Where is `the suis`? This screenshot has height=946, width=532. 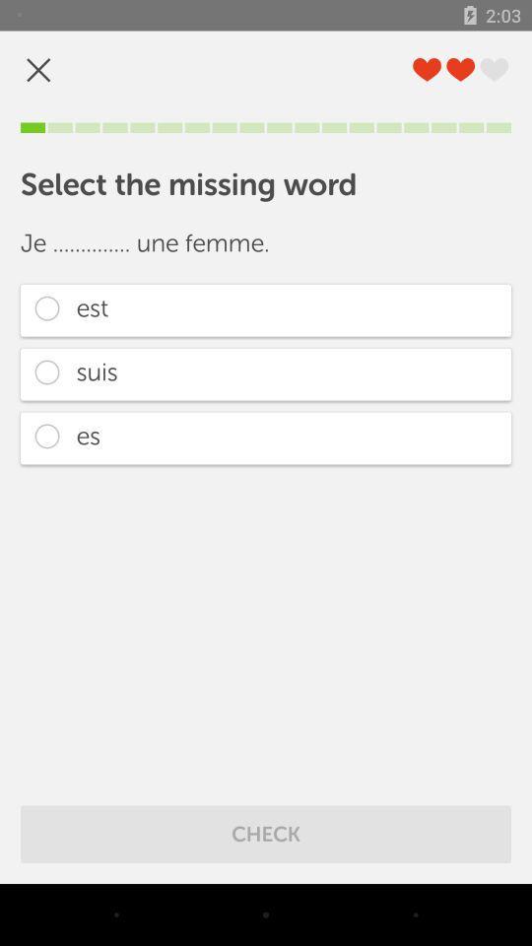 the suis is located at coordinates (266, 373).